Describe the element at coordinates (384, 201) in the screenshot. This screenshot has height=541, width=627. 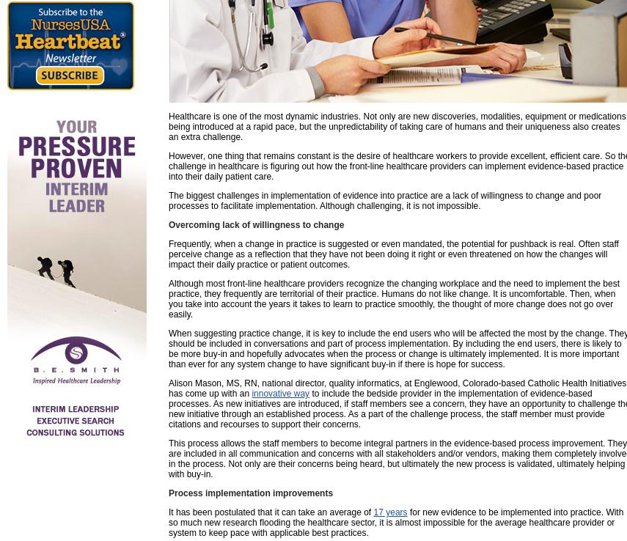
I see `'The biggest challenges in implementation of evidence into practice are a lack of willingness to change and poor processes to facilitate implementation. Although challenging, it is not impossible.'` at that location.